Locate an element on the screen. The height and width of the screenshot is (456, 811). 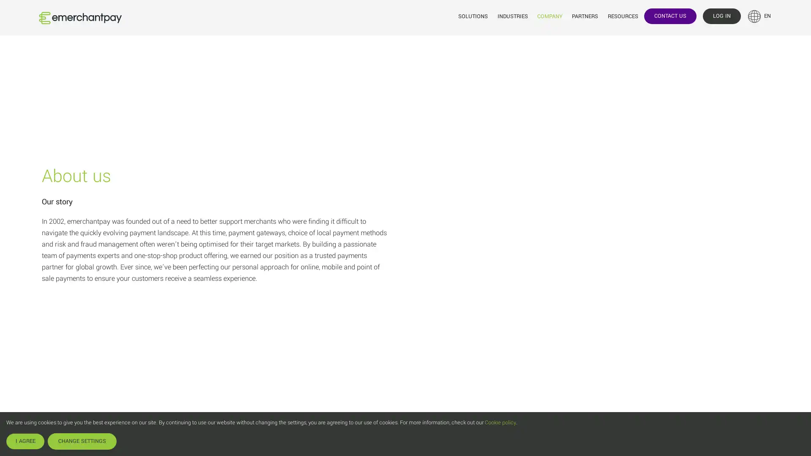
I AGREE is located at coordinates (25, 441).